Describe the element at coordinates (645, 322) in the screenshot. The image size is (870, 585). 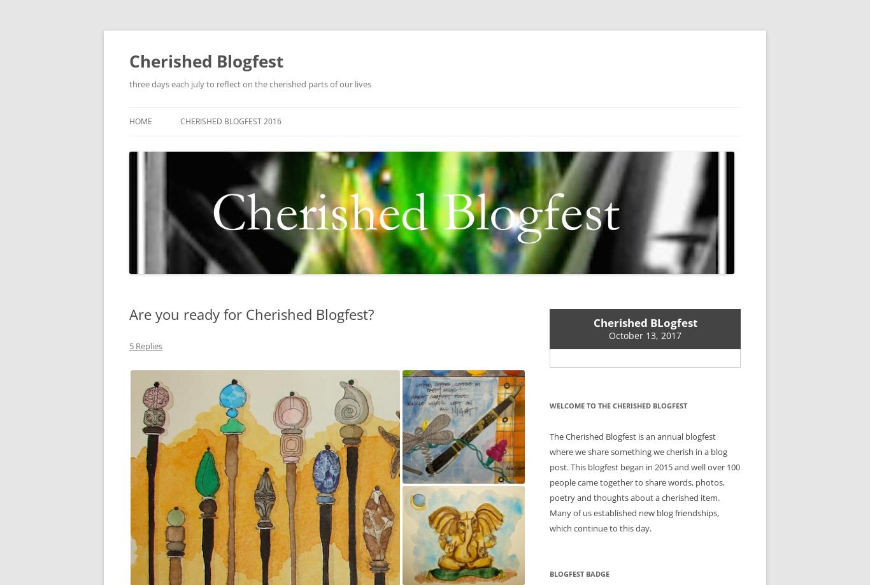
I see `'Cherished BLogfest'` at that location.